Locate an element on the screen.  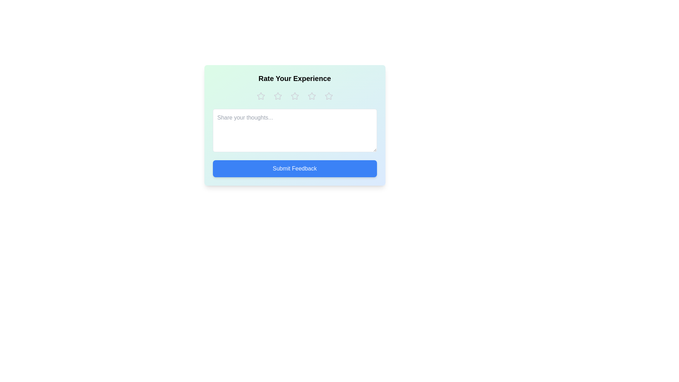
the rating to 5 stars by clicking on the respective star is located at coordinates (328, 96).